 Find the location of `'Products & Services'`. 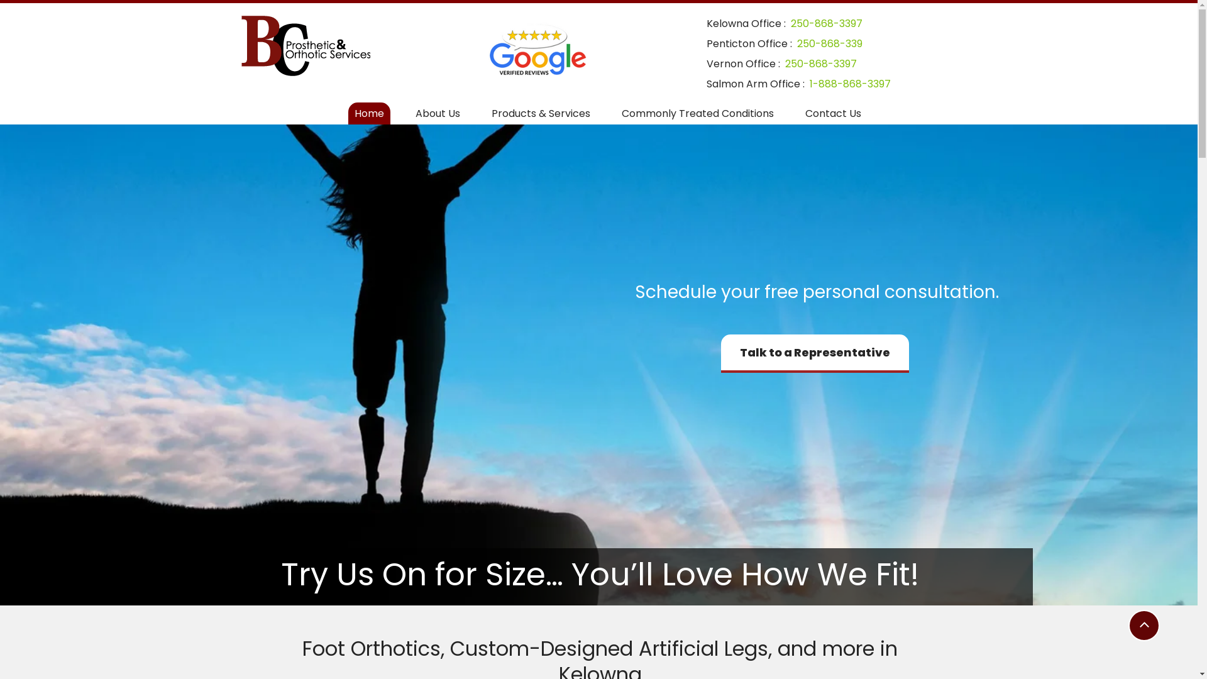

'Products & Services' is located at coordinates (541, 113).